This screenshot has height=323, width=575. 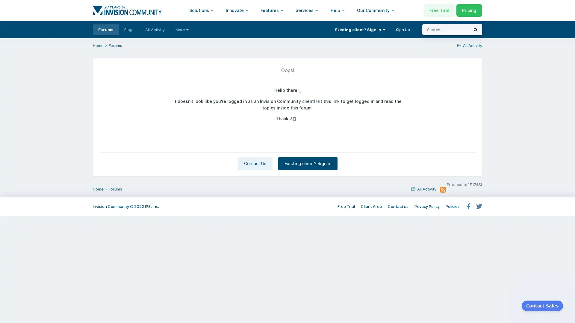 What do you see at coordinates (475, 30) in the screenshot?
I see `Search` at bounding box center [475, 30].